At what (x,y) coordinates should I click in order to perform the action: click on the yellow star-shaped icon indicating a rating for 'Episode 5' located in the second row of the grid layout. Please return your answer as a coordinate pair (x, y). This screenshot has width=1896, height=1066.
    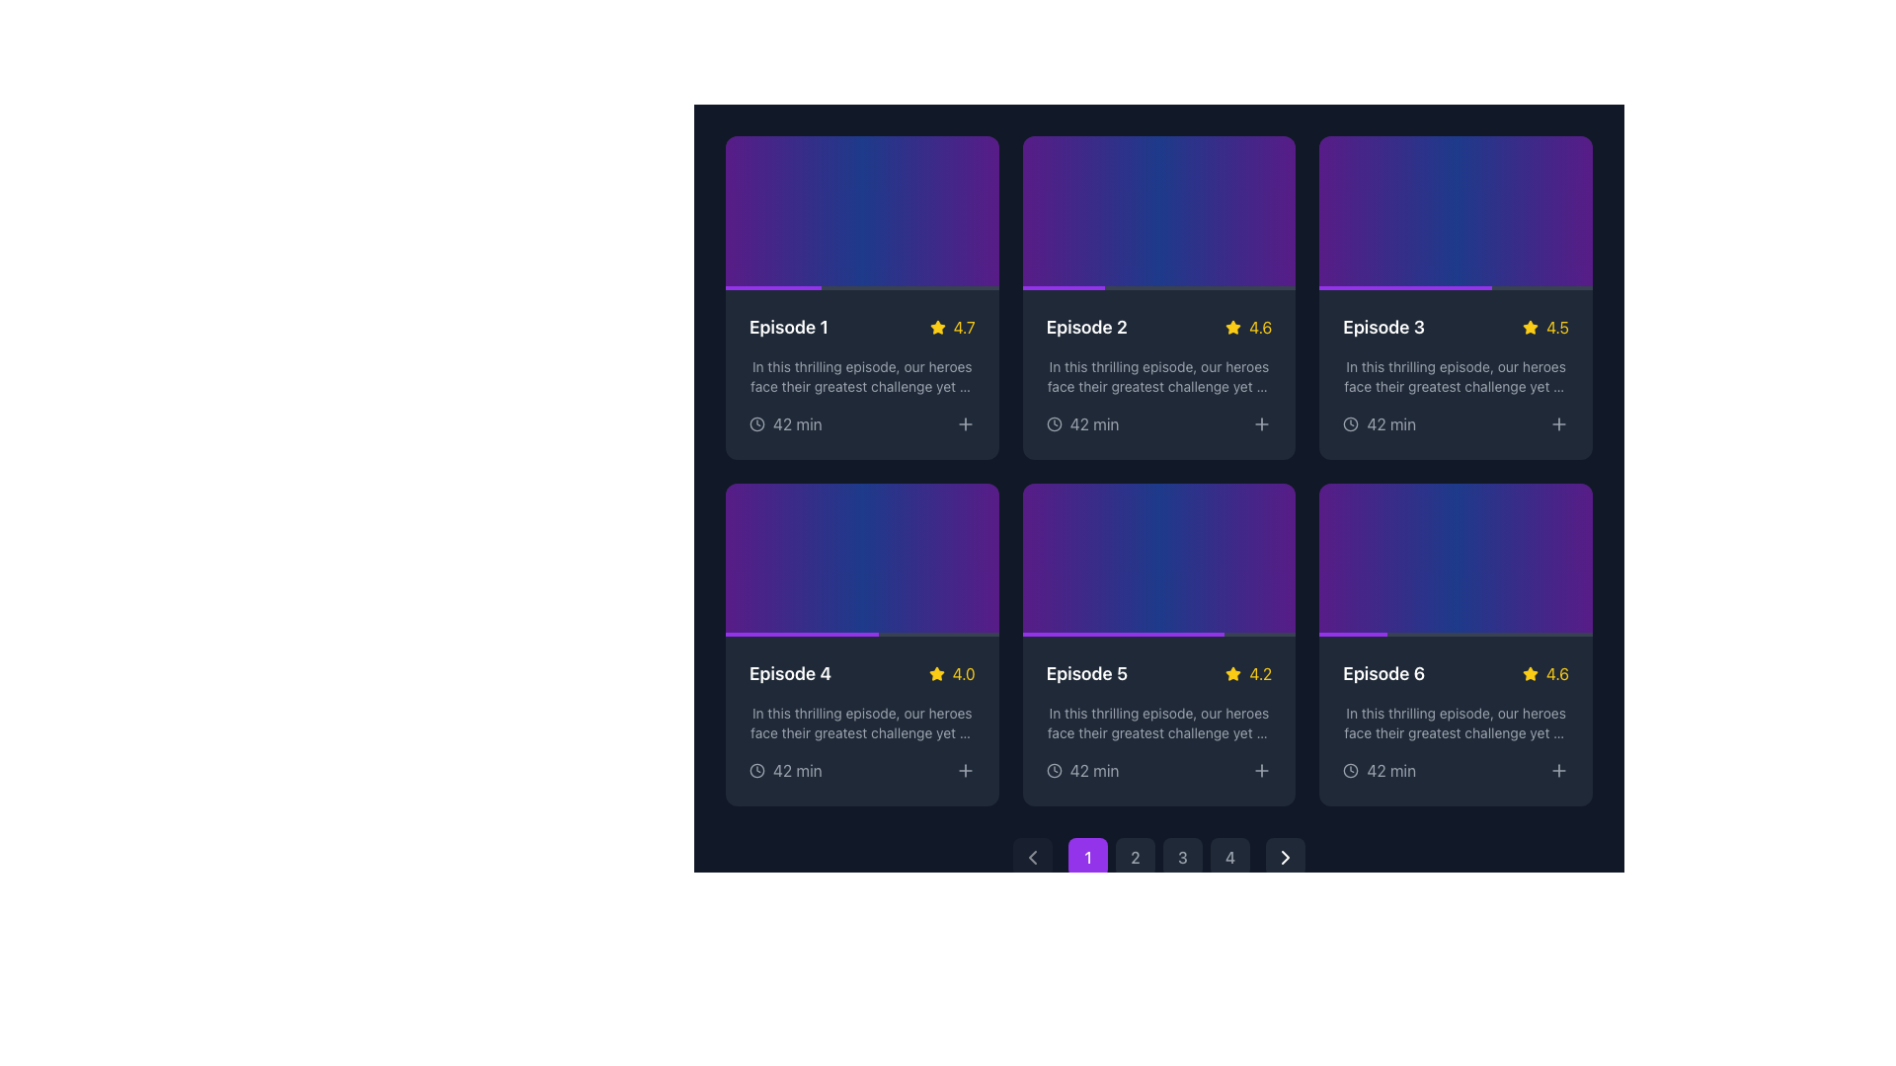
    Looking at the image, I should click on (1232, 673).